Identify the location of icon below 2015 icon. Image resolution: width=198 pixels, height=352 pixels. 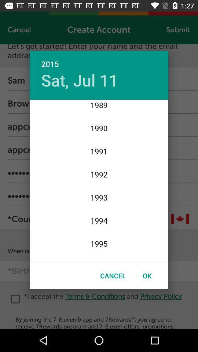
(79, 80).